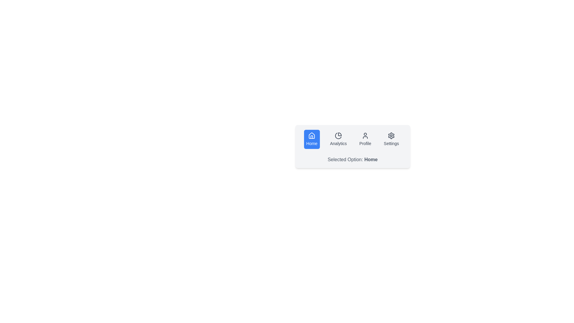 This screenshot has width=574, height=323. I want to click on the static text label that displays 'Home', which is part of the sentence 'Selected Option: Home' located below a row of icons and labels, so click(370, 159).